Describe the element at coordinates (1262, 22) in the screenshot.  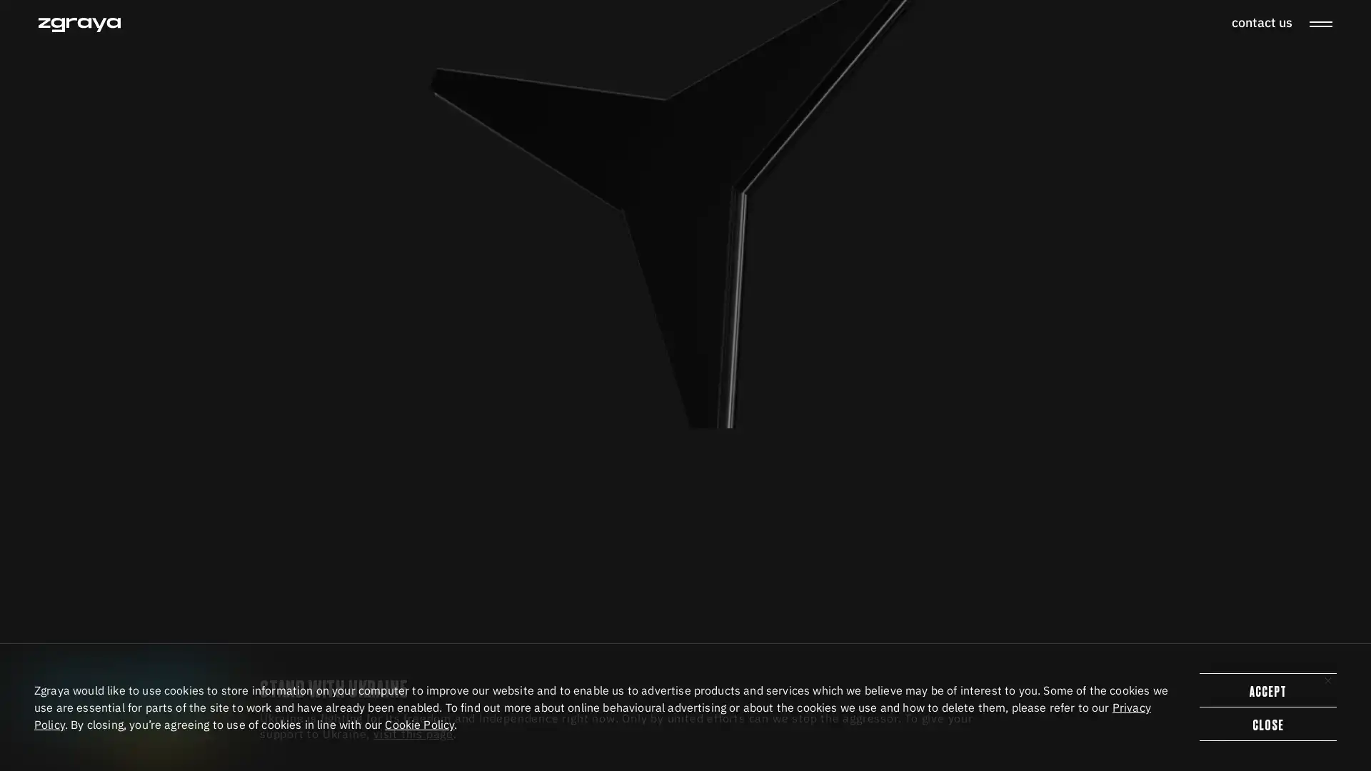
I see `contat us` at that location.